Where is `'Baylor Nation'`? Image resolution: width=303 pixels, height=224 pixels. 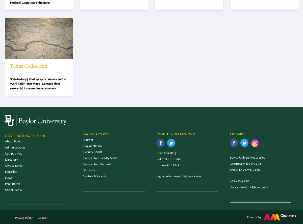 'Baylor Nation' is located at coordinates (92, 145).